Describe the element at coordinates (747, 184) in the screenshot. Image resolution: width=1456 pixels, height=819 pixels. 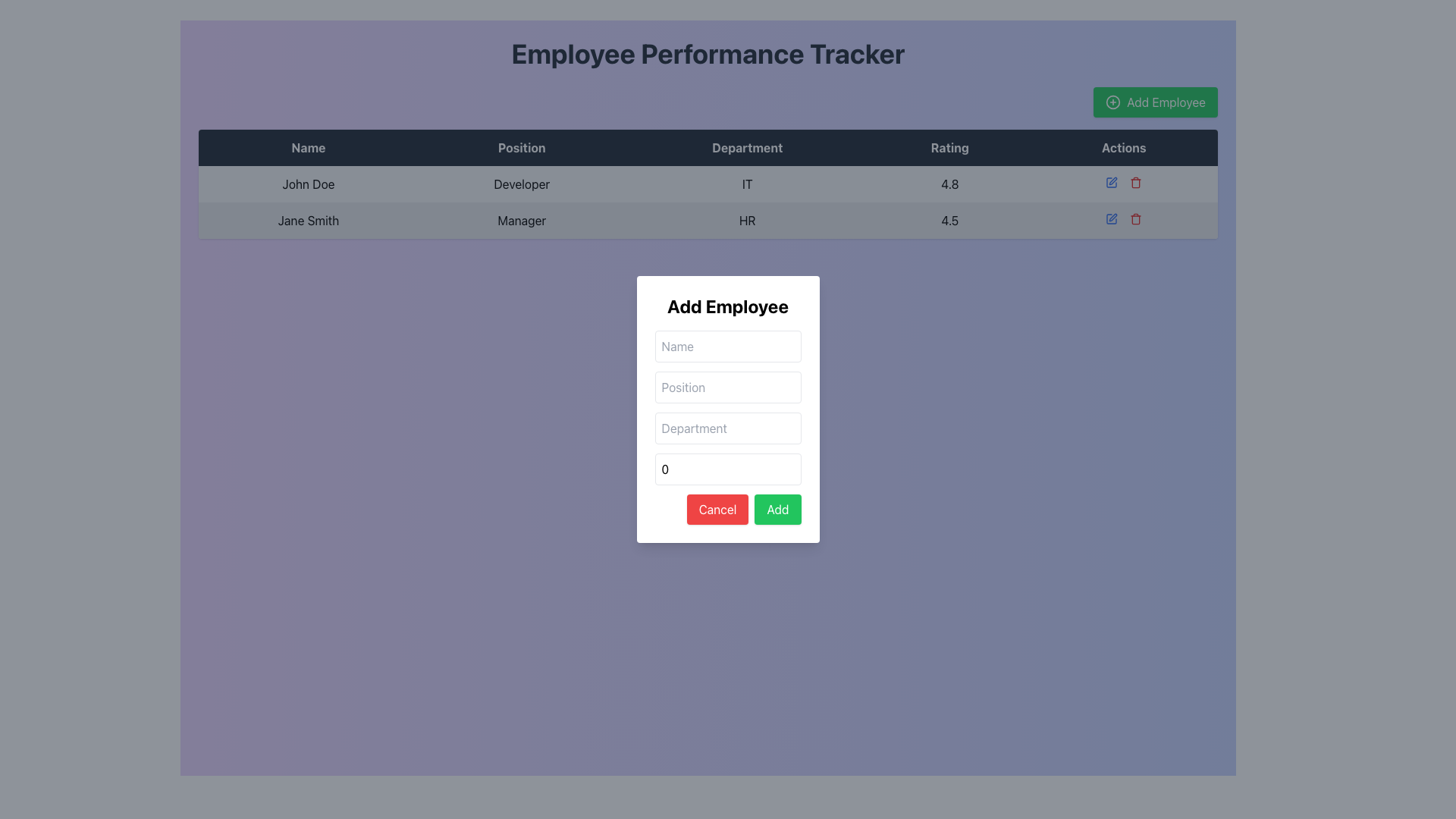
I see `the text cell displaying 'IT' in bold, which is located in the 'Department' column of the first data row in the table, positioned between the 'Developer' and '4.8' cells` at that location.